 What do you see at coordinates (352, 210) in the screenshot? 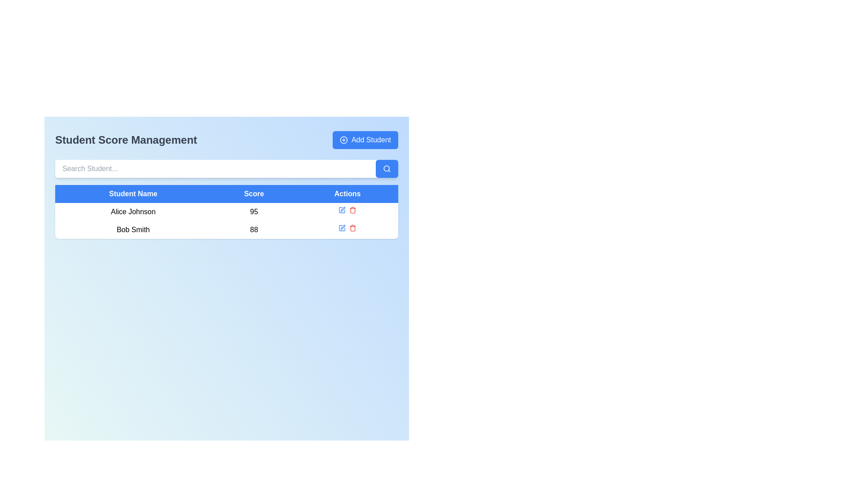
I see `the red trash can icon in the 'Actions' column of the data table` at bounding box center [352, 210].